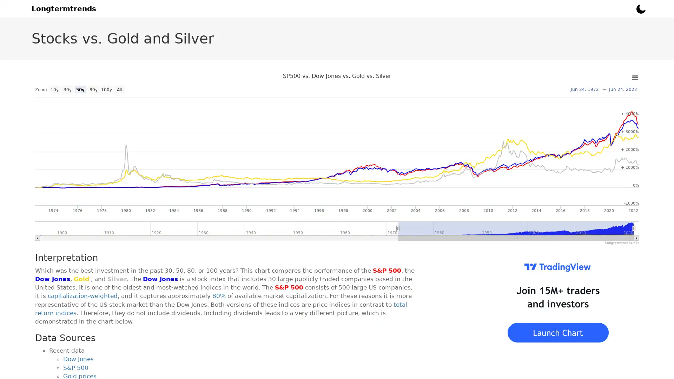 The image size is (674, 379). What do you see at coordinates (54, 89) in the screenshot?
I see `10y` at bounding box center [54, 89].